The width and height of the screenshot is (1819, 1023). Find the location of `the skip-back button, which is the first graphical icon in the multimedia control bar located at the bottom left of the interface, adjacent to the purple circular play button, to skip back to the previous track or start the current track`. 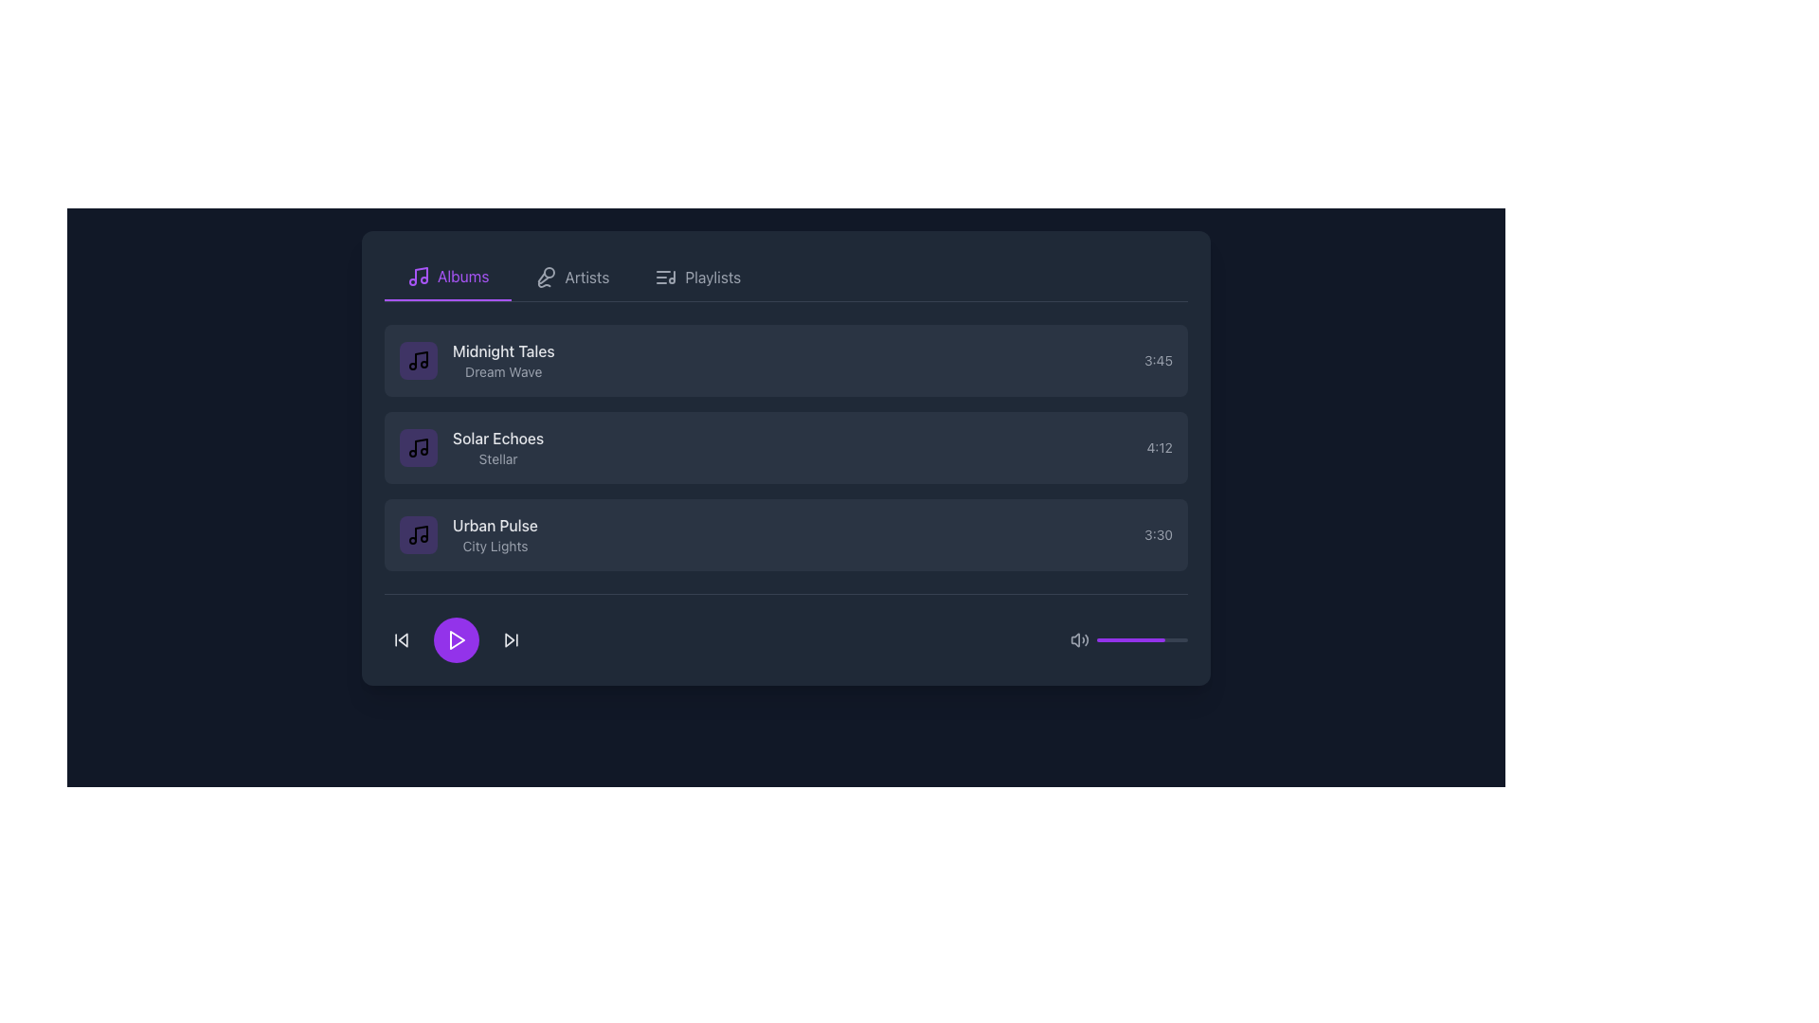

the skip-back button, which is the first graphical icon in the multimedia control bar located at the bottom left of the interface, adjacent to the purple circular play button, to skip back to the previous track or start the current track is located at coordinates (402, 639).